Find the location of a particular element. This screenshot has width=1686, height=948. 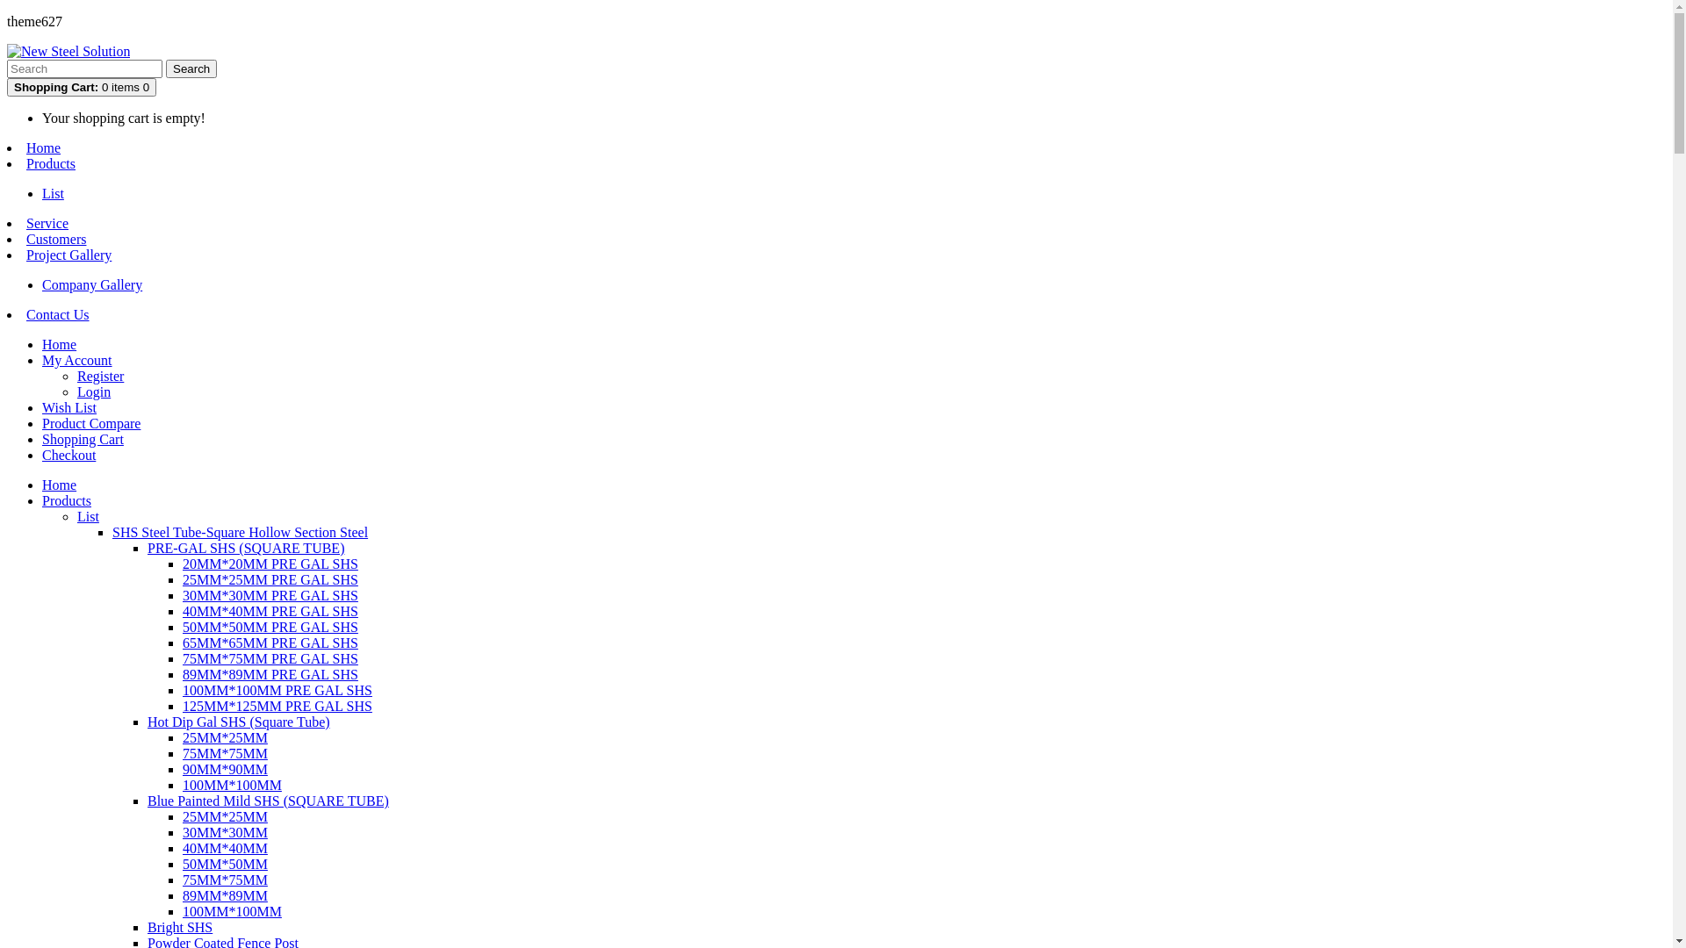

'Login' is located at coordinates (92, 391).